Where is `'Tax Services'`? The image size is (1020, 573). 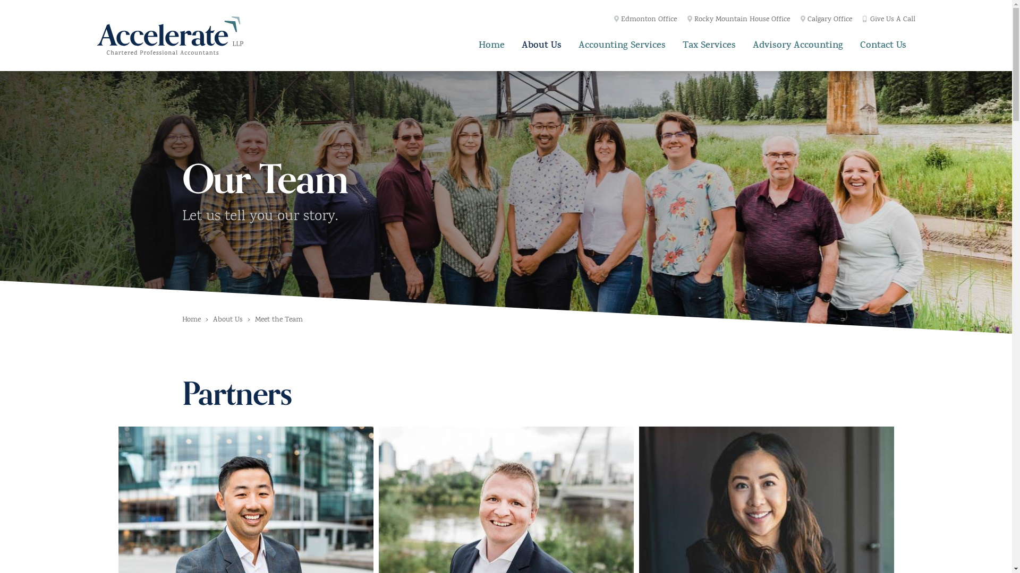
'Tax Services' is located at coordinates (709, 44).